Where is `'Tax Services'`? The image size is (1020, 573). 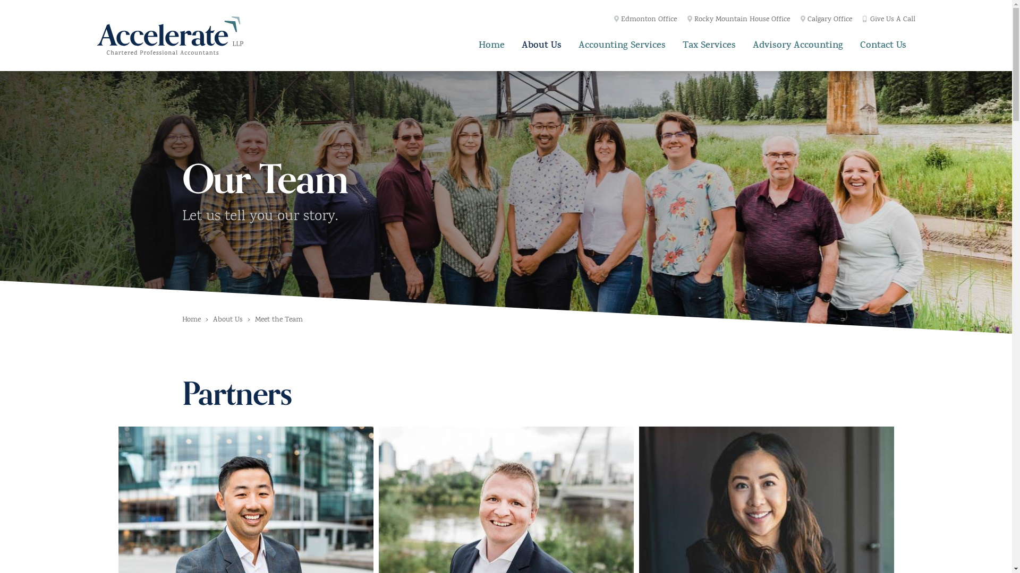
'Tax Services' is located at coordinates (709, 44).